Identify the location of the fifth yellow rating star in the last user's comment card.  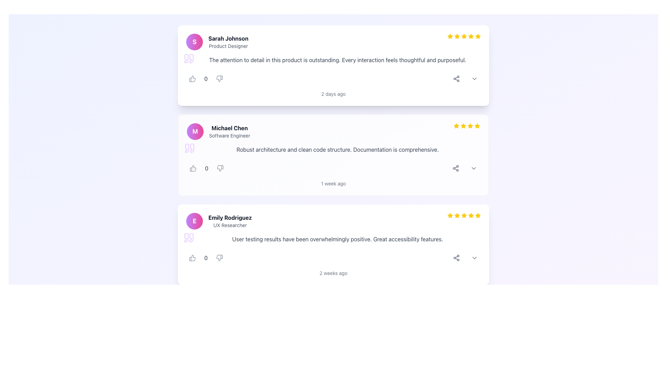
(471, 215).